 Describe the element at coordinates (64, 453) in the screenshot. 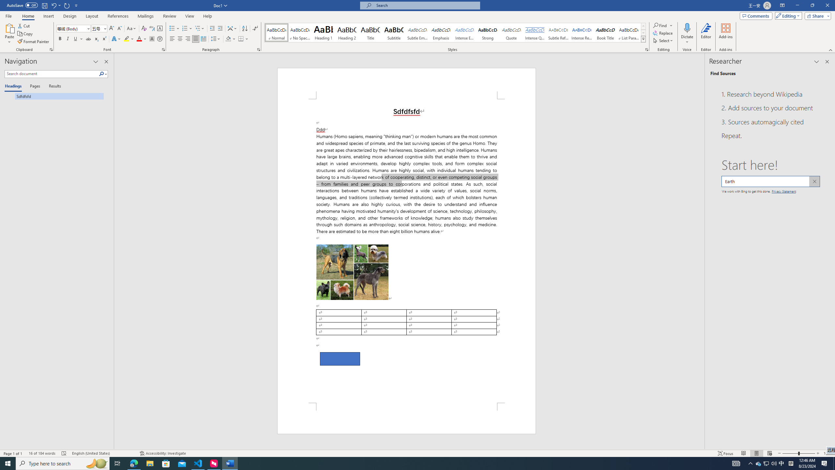

I see `'Spelling and Grammar Check Errors'` at that location.